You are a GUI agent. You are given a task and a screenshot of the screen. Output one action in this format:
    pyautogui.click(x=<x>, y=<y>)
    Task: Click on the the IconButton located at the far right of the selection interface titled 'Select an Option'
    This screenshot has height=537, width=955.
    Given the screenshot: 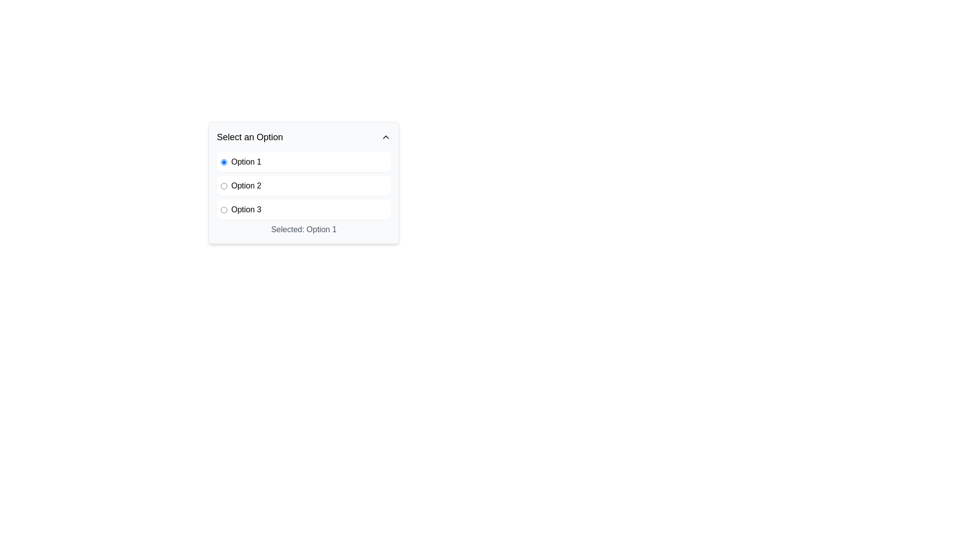 What is the action you would take?
    pyautogui.click(x=385, y=137)
    